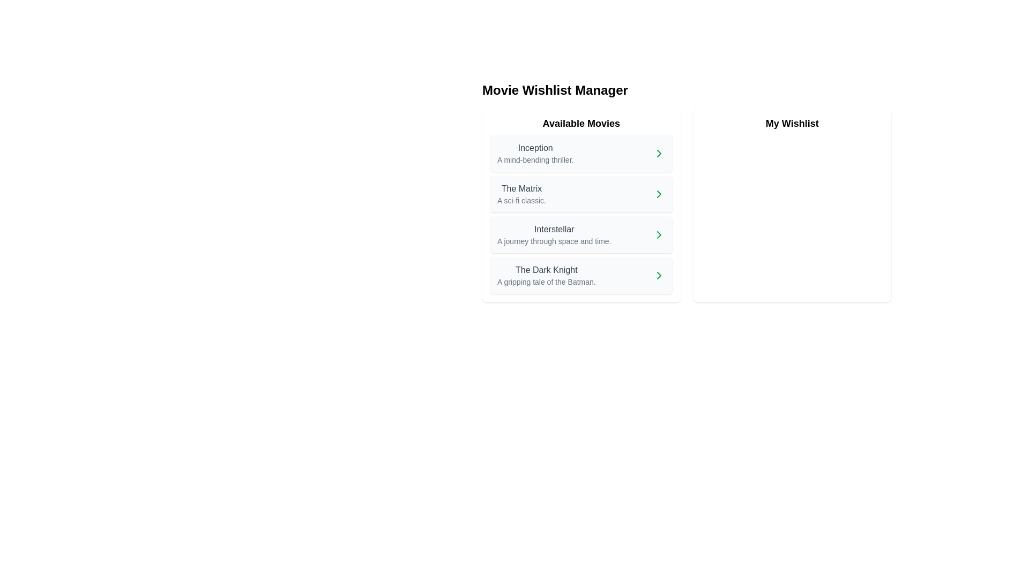 The width and height of the screenshot is (1029, 578). Describe the element at coordinates (580, 153) in the screenshot. I see `the selectable movie item titled 'Inception' in the 'Available Movies' section` at that location.